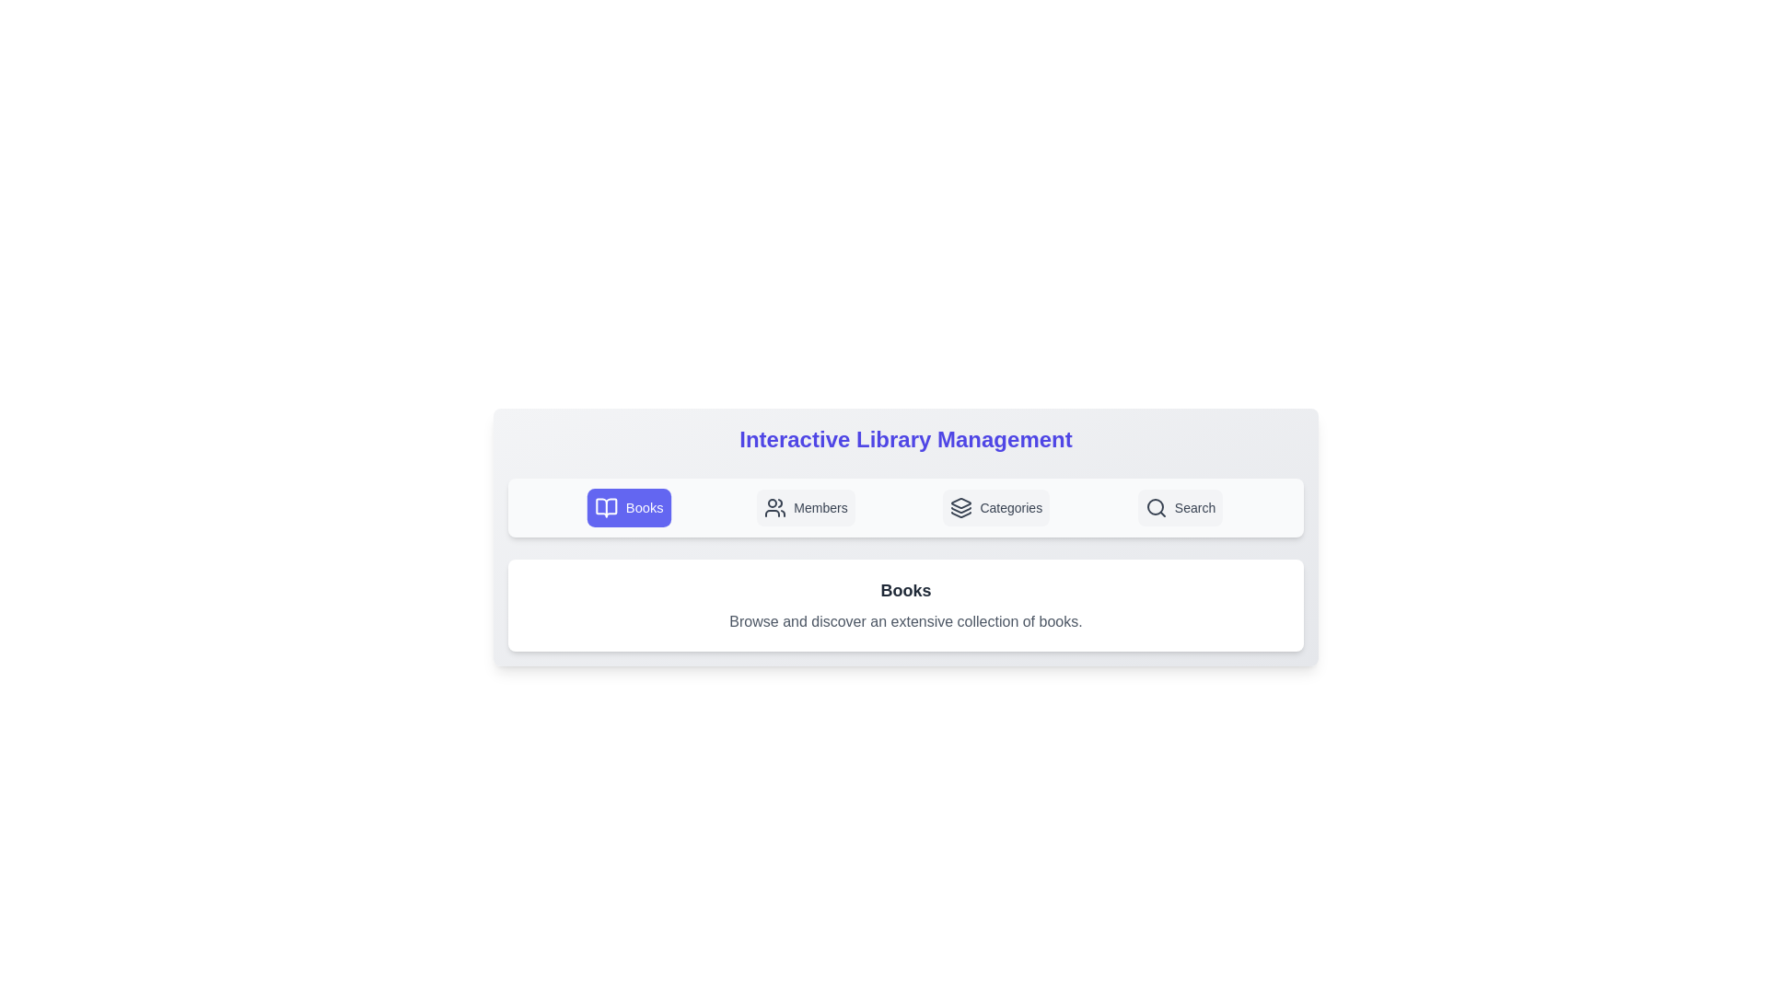 Image resolution: width=1768 pixels, height=994 pixels. Describe the element at coordinates (960, 507) in the screenshot. I see `the 'Categories' icon located between the 'Members' and 'Search' buttons in the navigation bar` at that location.